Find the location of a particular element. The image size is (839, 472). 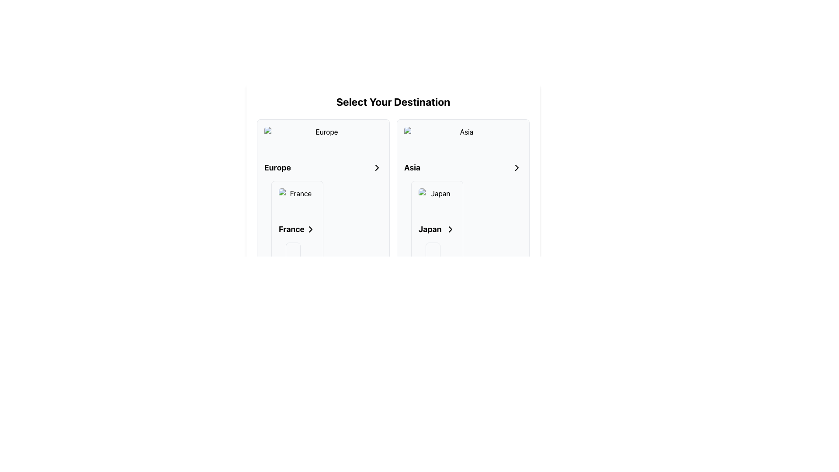

the chevron/icon located to the far-right of the 'Europe' section is located at coordinates (377, 168).